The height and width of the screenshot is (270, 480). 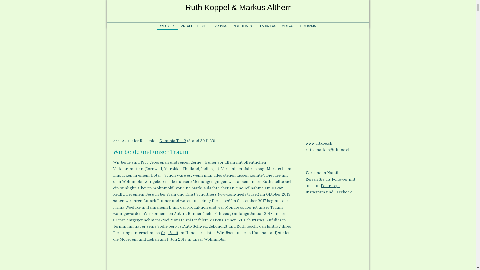 What do you see at coordinates (195, 26) in the screenshot?
I see `'AKTUELLE REISE'` at bounding box center [195, 26].